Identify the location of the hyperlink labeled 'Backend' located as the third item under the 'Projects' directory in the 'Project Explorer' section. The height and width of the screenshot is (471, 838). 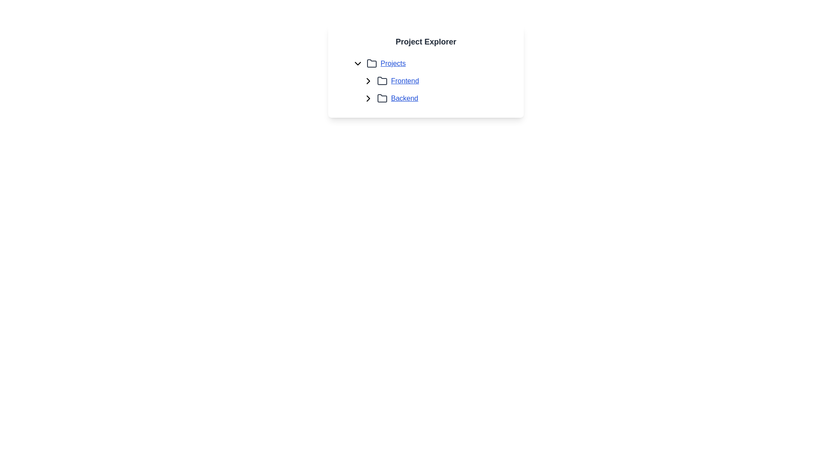
(404, 98).